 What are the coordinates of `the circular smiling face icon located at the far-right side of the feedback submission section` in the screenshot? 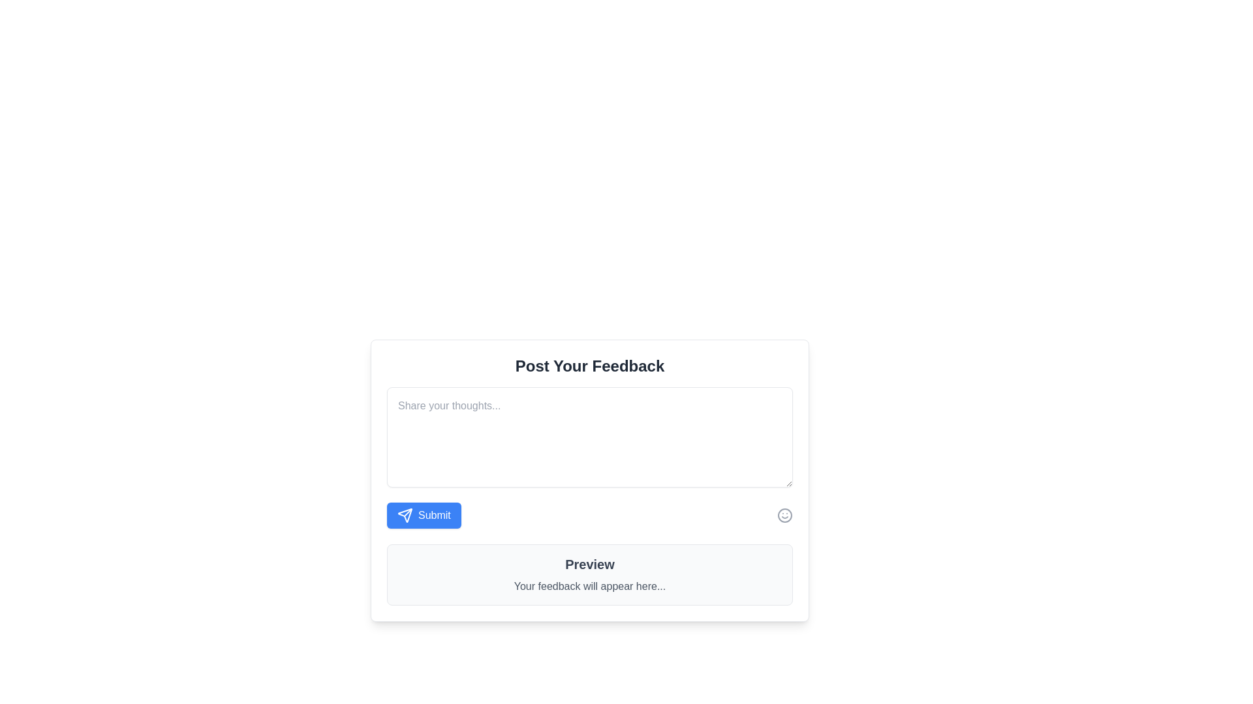 It's located at (784, 514).